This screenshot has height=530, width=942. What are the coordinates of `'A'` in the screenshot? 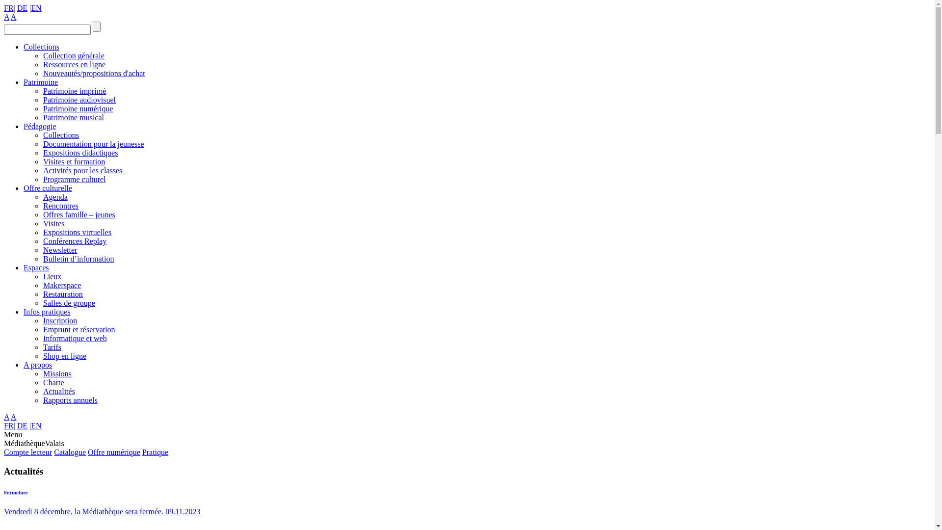 It's located at (4, 17).